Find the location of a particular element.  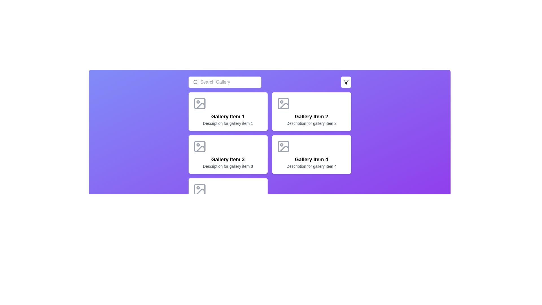

the gallery item icon located in the second row and second column of the gallery grid layout, specifically the Icon representing an image-related feature for 'Gallery Item 4' is located at coordinates (284, 149).